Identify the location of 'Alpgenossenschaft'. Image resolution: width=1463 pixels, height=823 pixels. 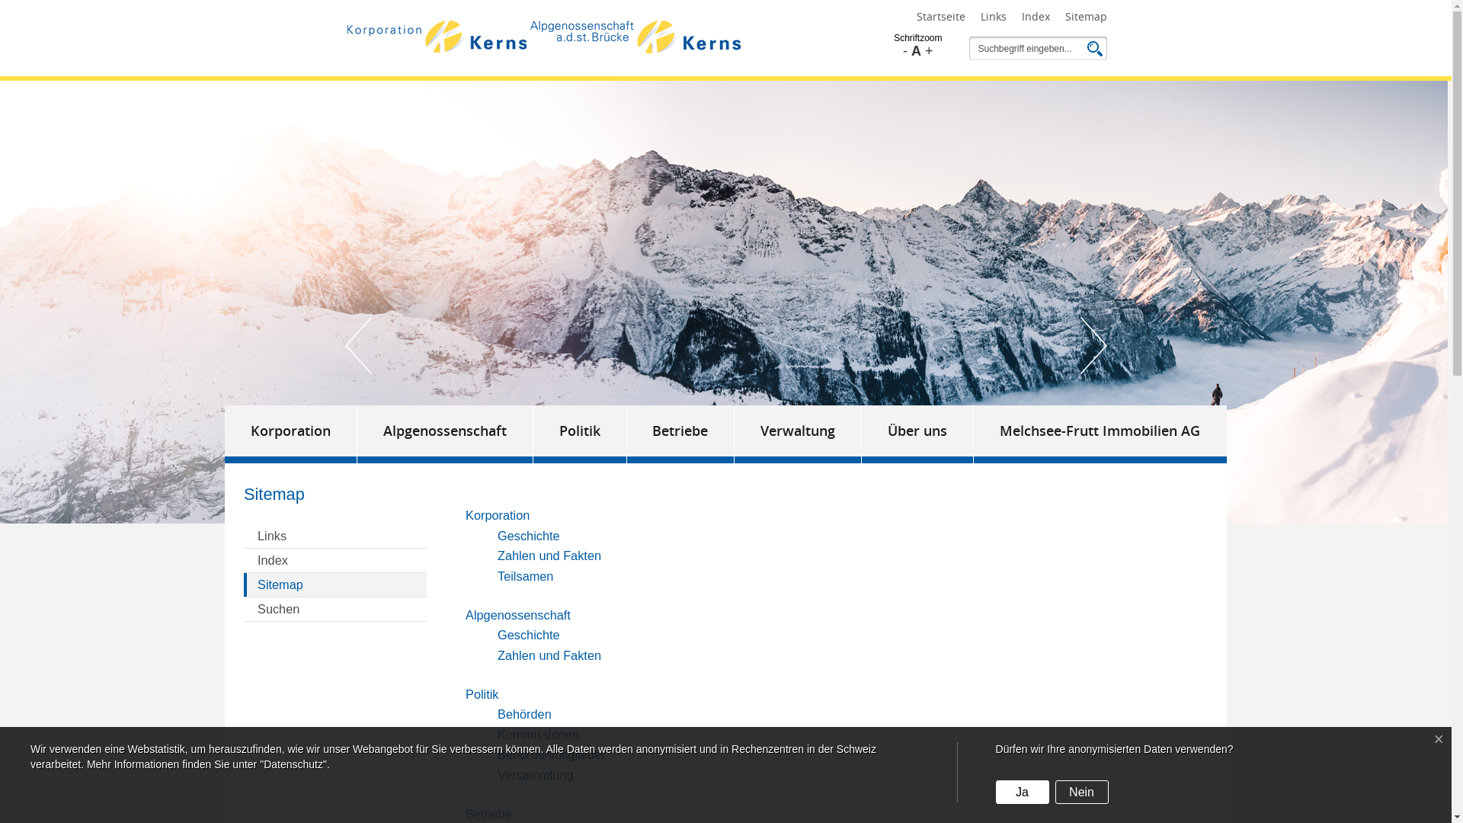
(518, 613).